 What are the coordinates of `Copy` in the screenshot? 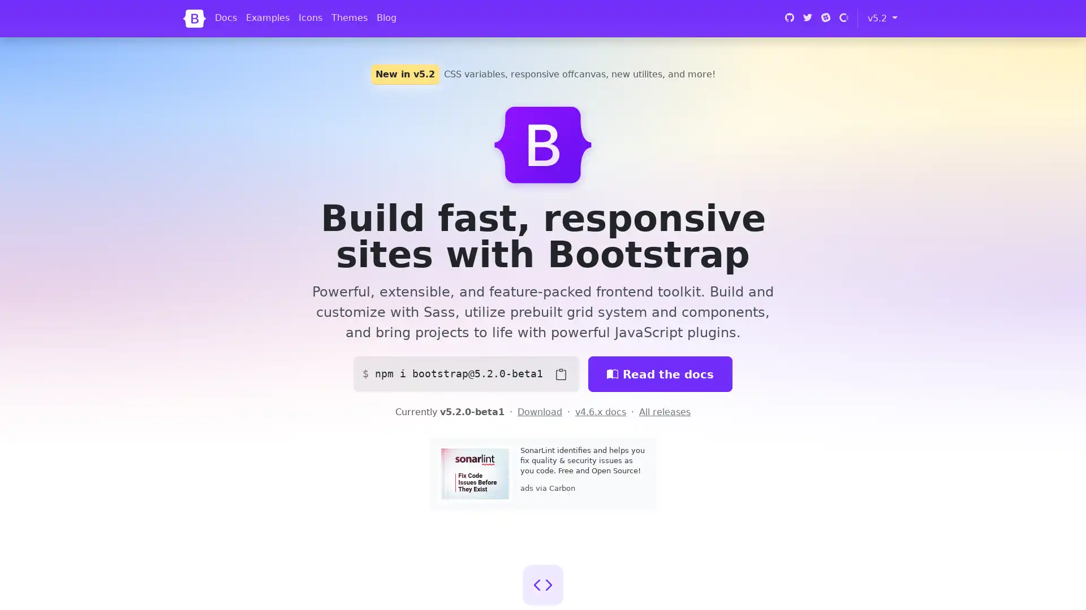 It's located at (561, 373).